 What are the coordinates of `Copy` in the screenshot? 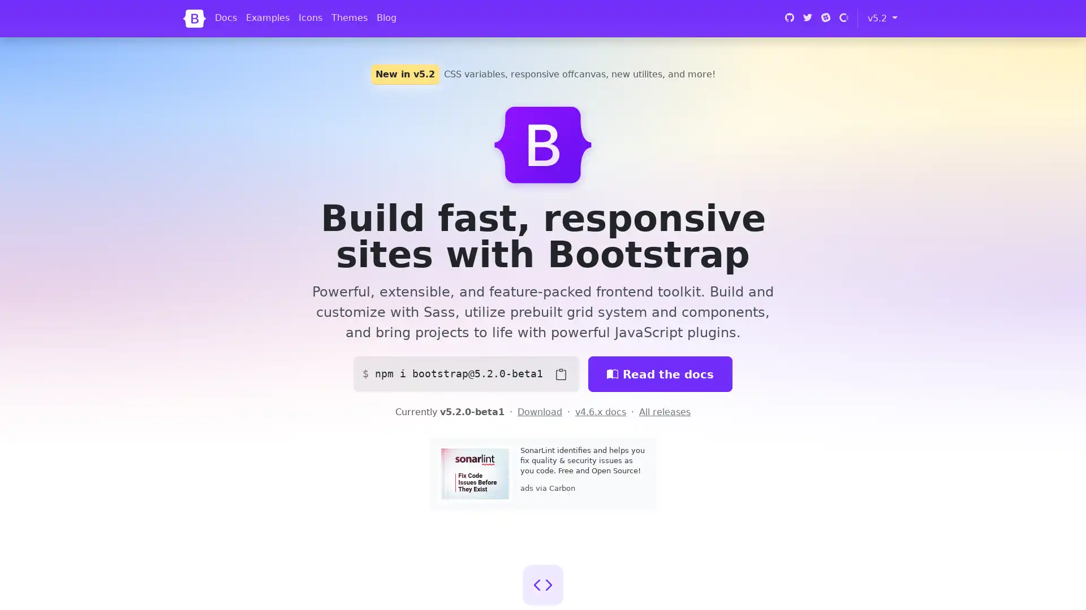 It's located at (561, 373).